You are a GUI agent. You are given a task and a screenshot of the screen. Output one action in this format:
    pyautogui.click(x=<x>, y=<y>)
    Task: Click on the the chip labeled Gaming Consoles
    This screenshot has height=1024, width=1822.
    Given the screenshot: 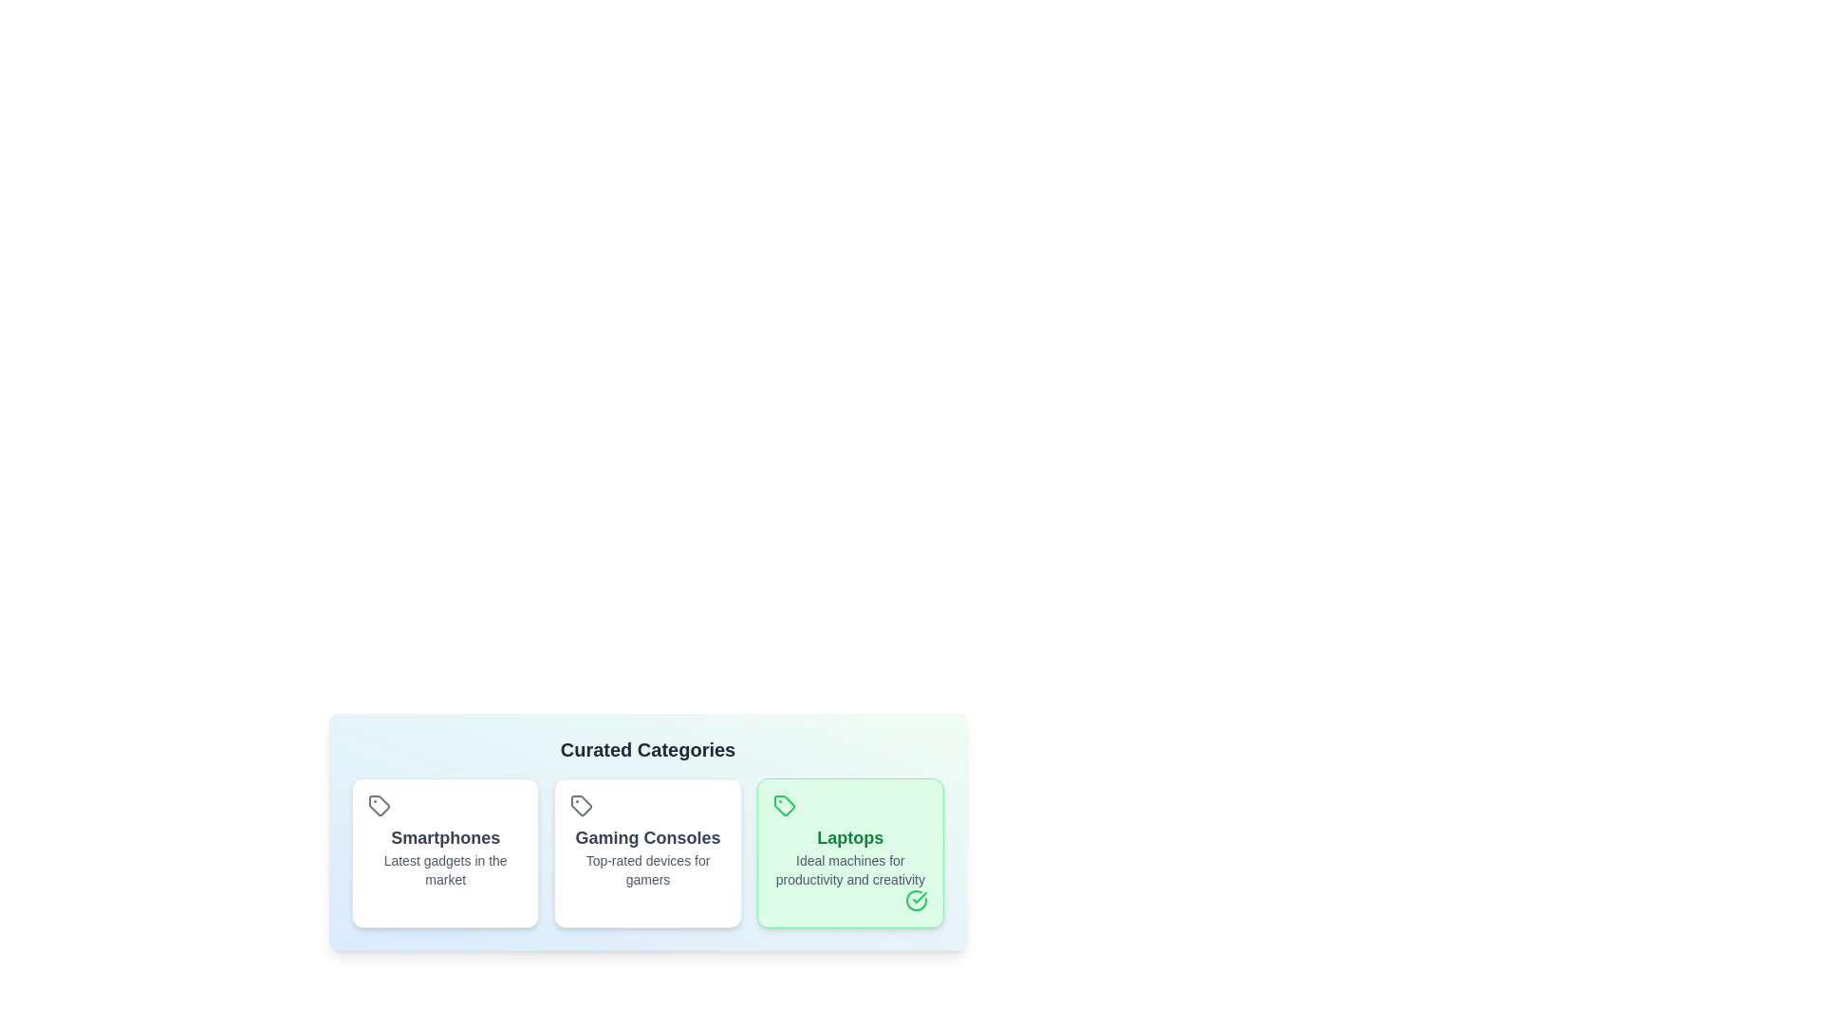 What is the action you would take?
    pyautogui.click(x=647, y=851)
    